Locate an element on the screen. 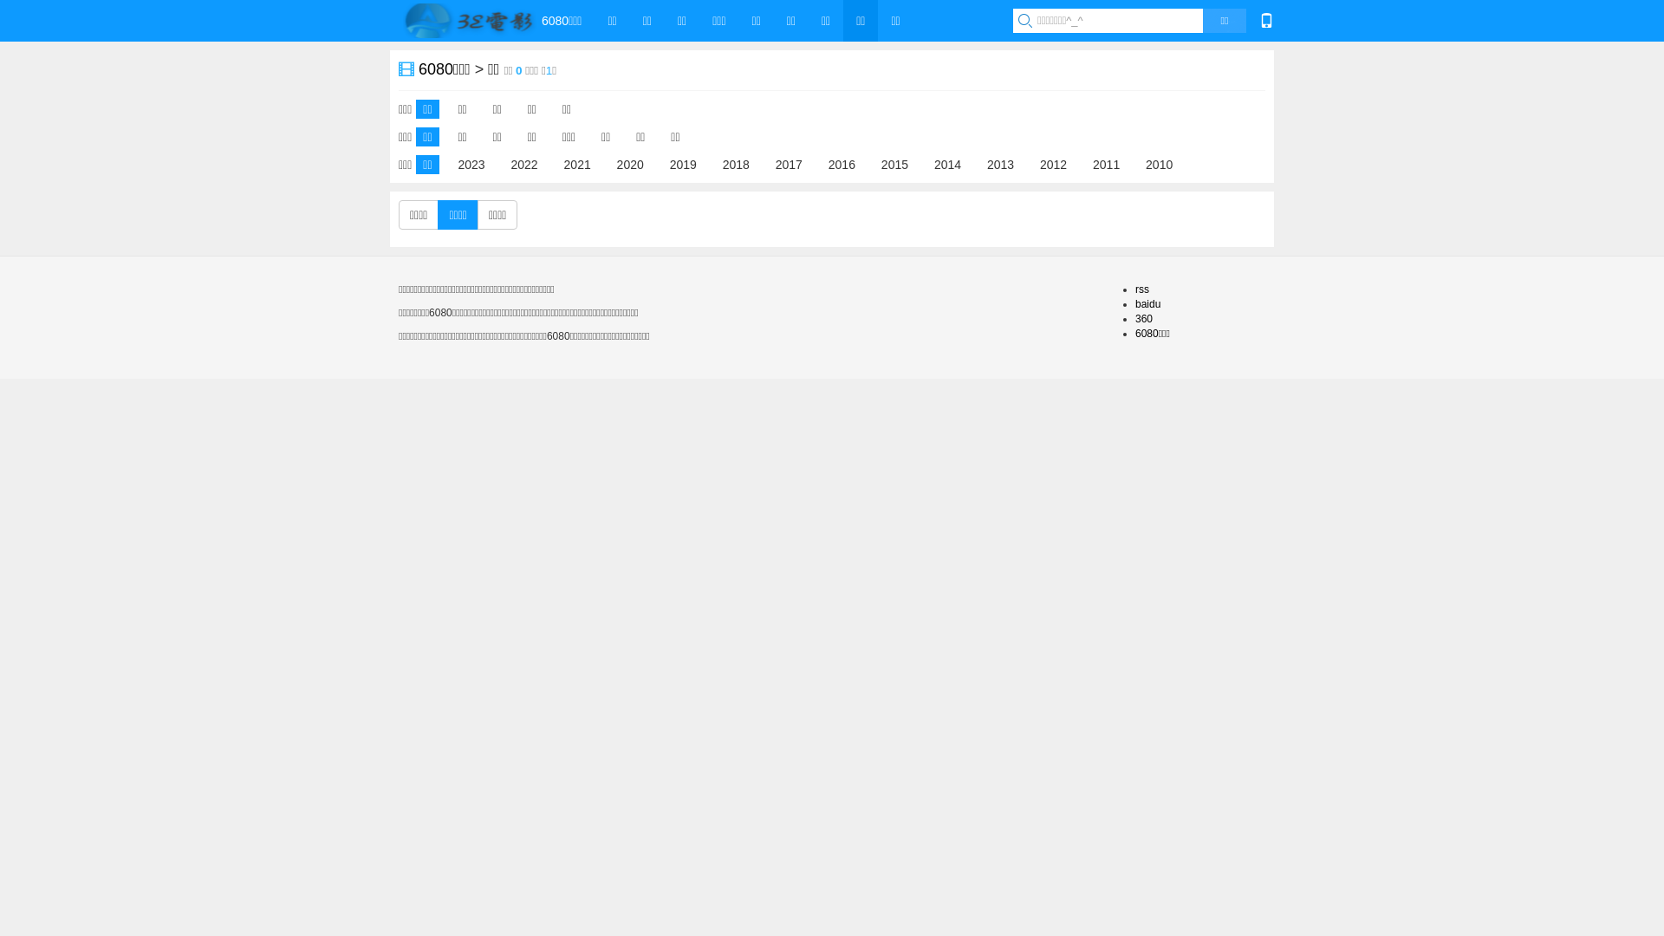 The height and width of the screenshot is (936, 1664). '2013' is located at coordinates (1000, 164).